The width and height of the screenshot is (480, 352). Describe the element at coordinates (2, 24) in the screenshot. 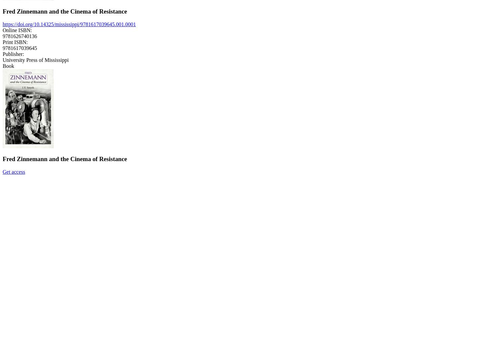

I see `'https://doi.org/10.14325/mississippi/9781617039645.001.0001'` at that location.